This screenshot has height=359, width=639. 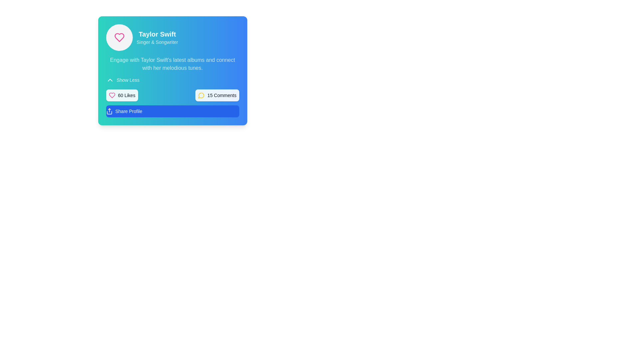 I want to click on the text label representing the title or name tag located at the upper-left section of the blue gradient card component, so click(x=157, y=34).